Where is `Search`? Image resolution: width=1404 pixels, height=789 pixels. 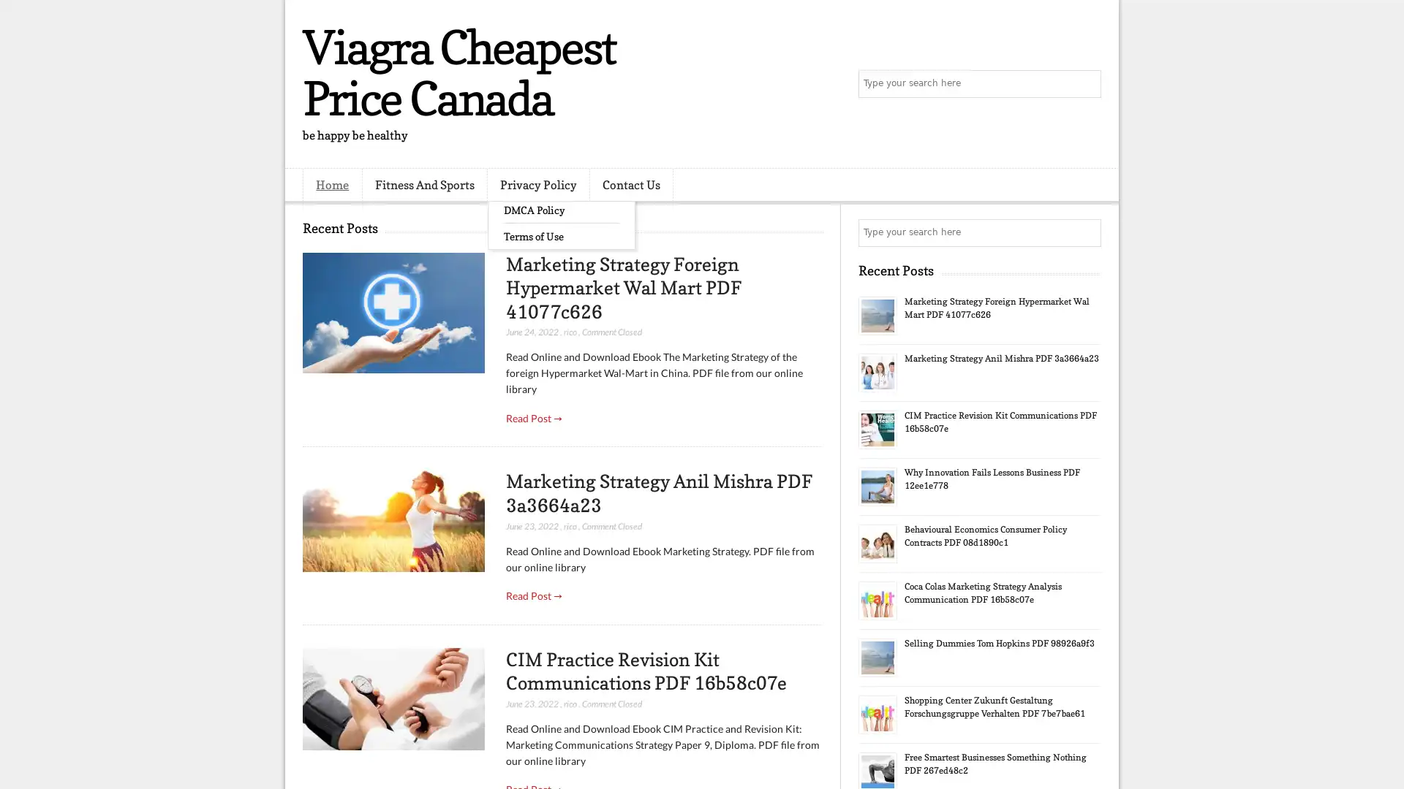 Search is located at coordinates (1086, 232).